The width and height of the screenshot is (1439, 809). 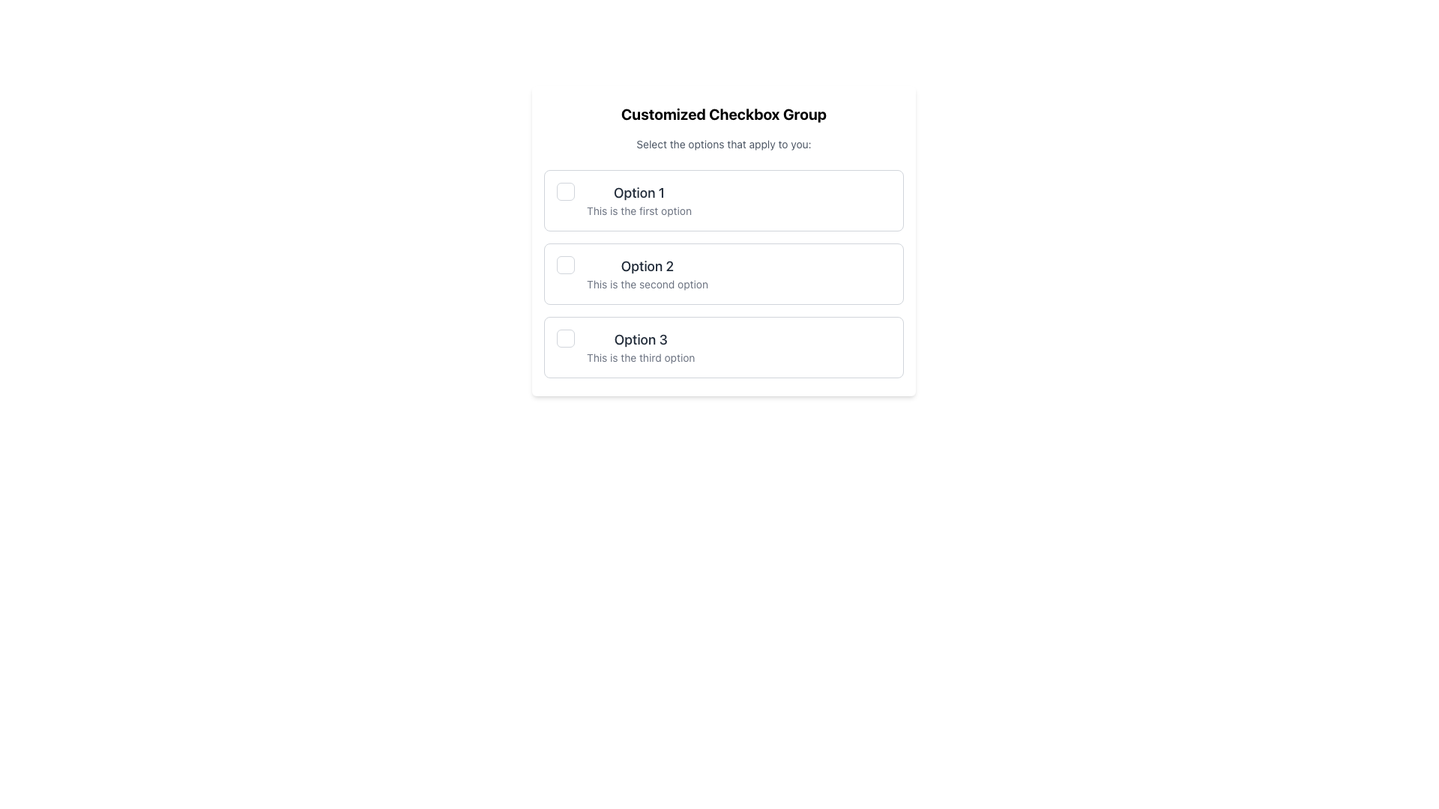 I want to click on the third checkbox option in the group, so click(x=723, y=347).